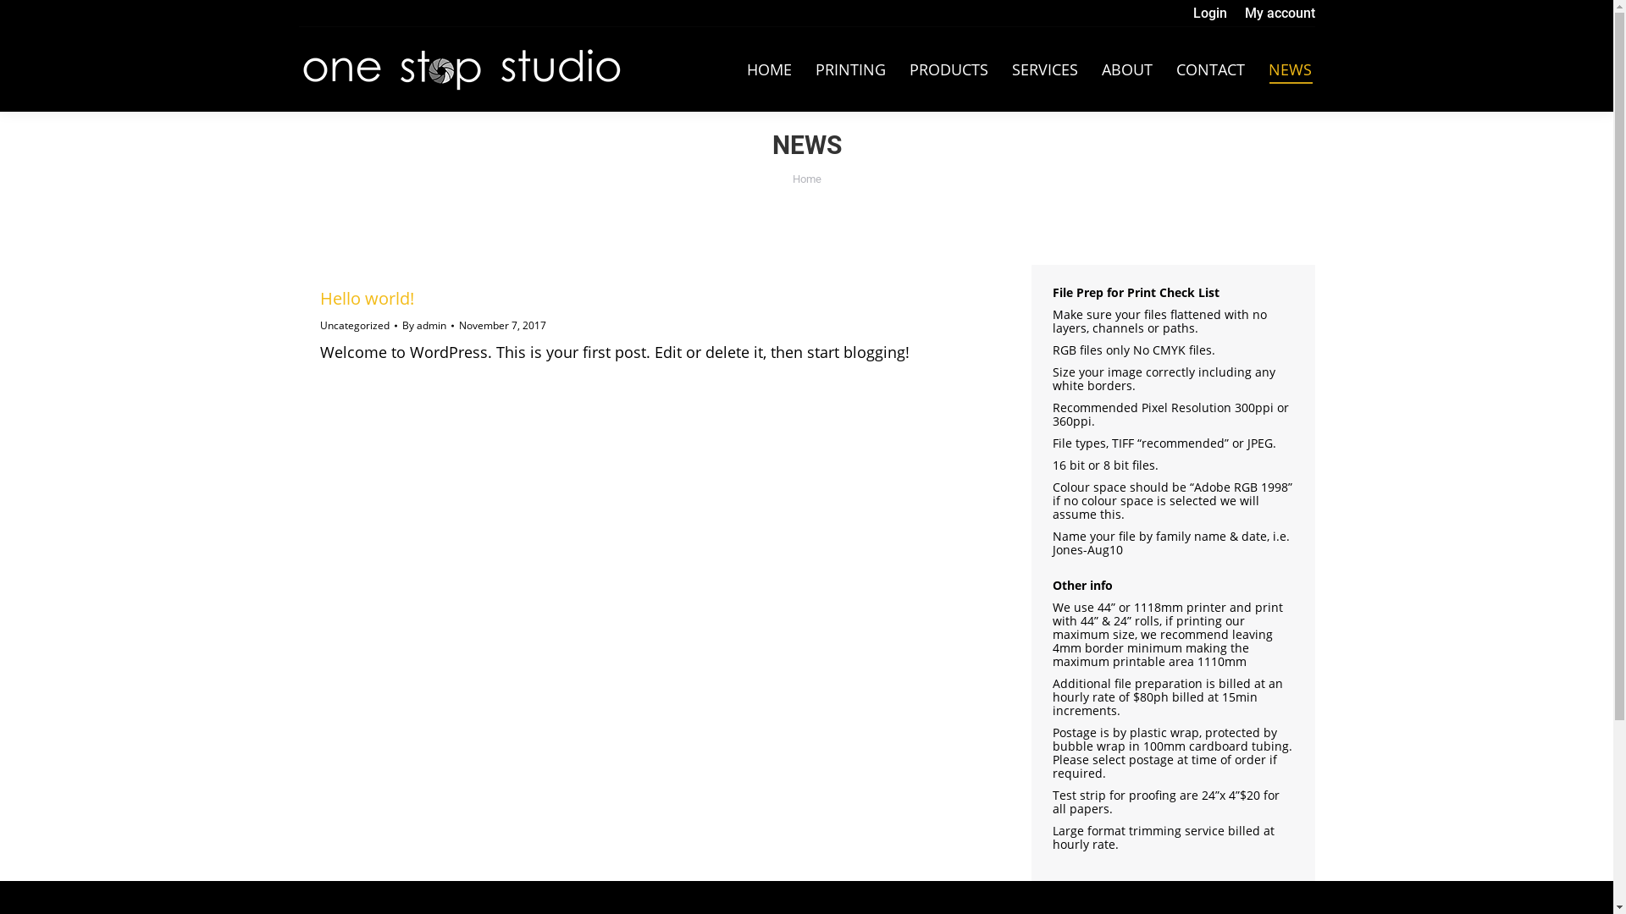  I want to click on 'SERVICES', so click(1043, 68).